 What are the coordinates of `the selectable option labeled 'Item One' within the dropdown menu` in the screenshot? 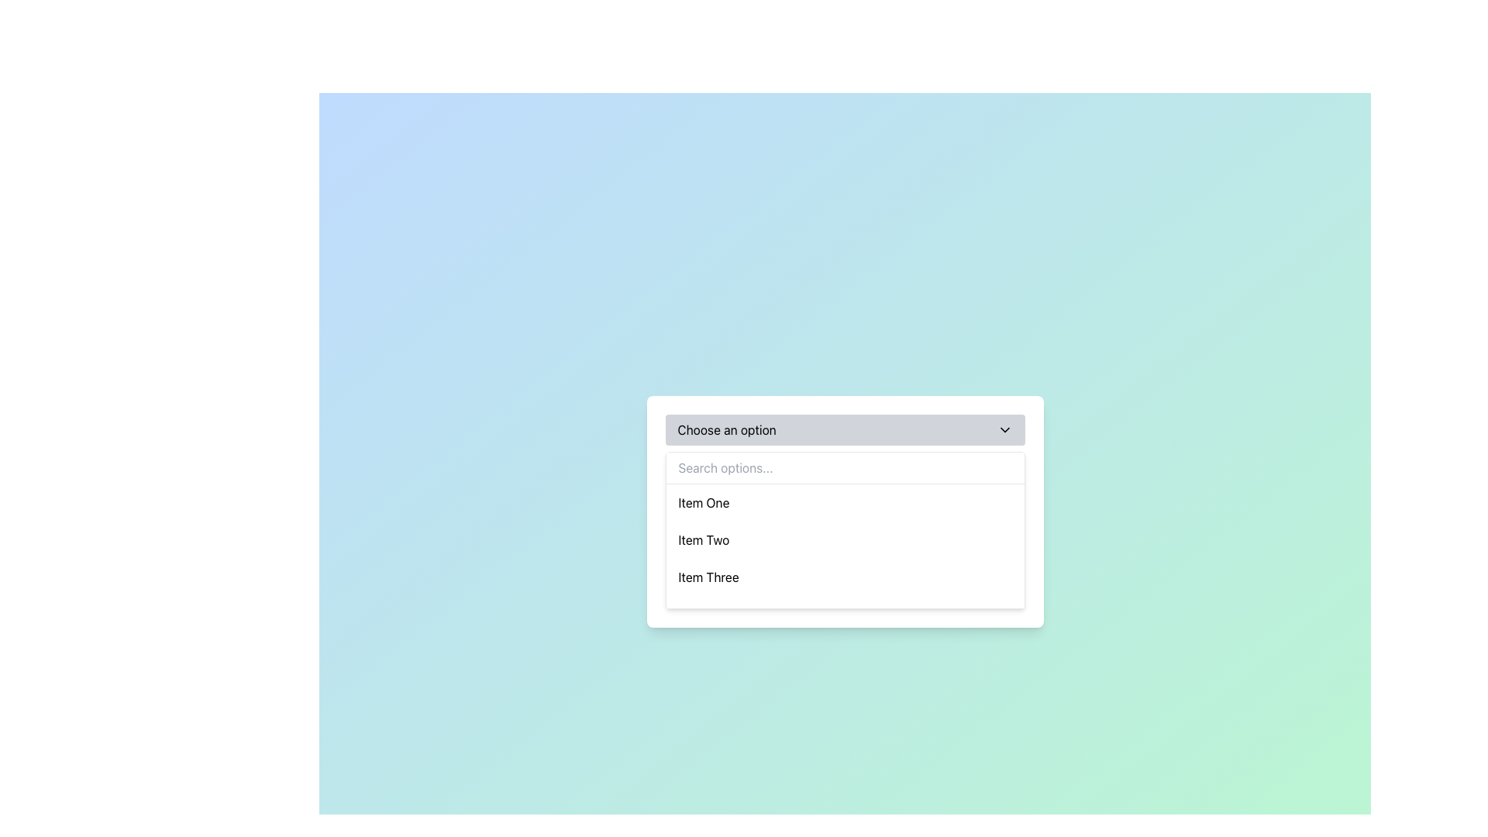 It's located at (702, 502).